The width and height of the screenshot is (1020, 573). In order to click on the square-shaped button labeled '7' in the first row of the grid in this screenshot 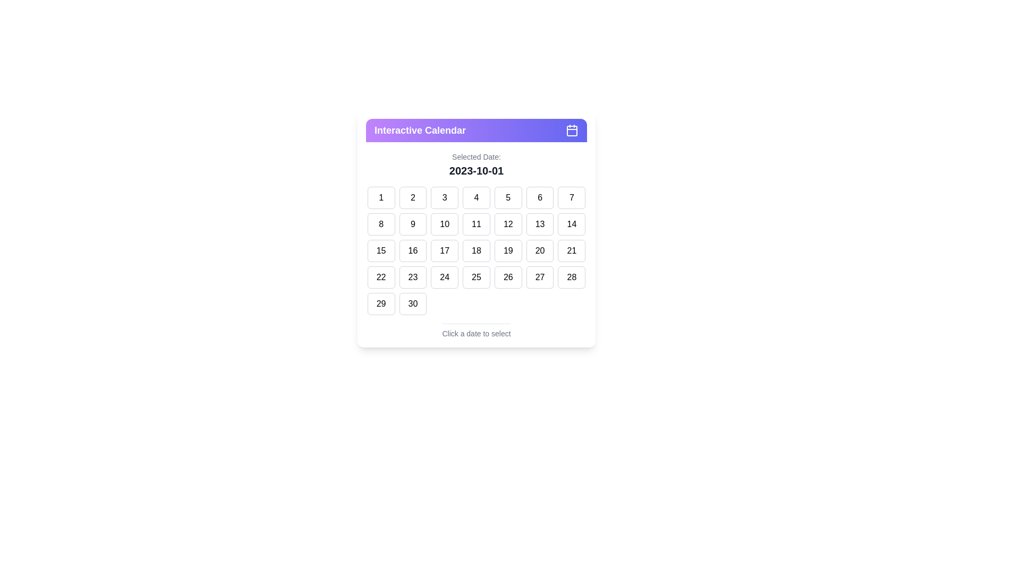, I will do `click(571, 198)`.